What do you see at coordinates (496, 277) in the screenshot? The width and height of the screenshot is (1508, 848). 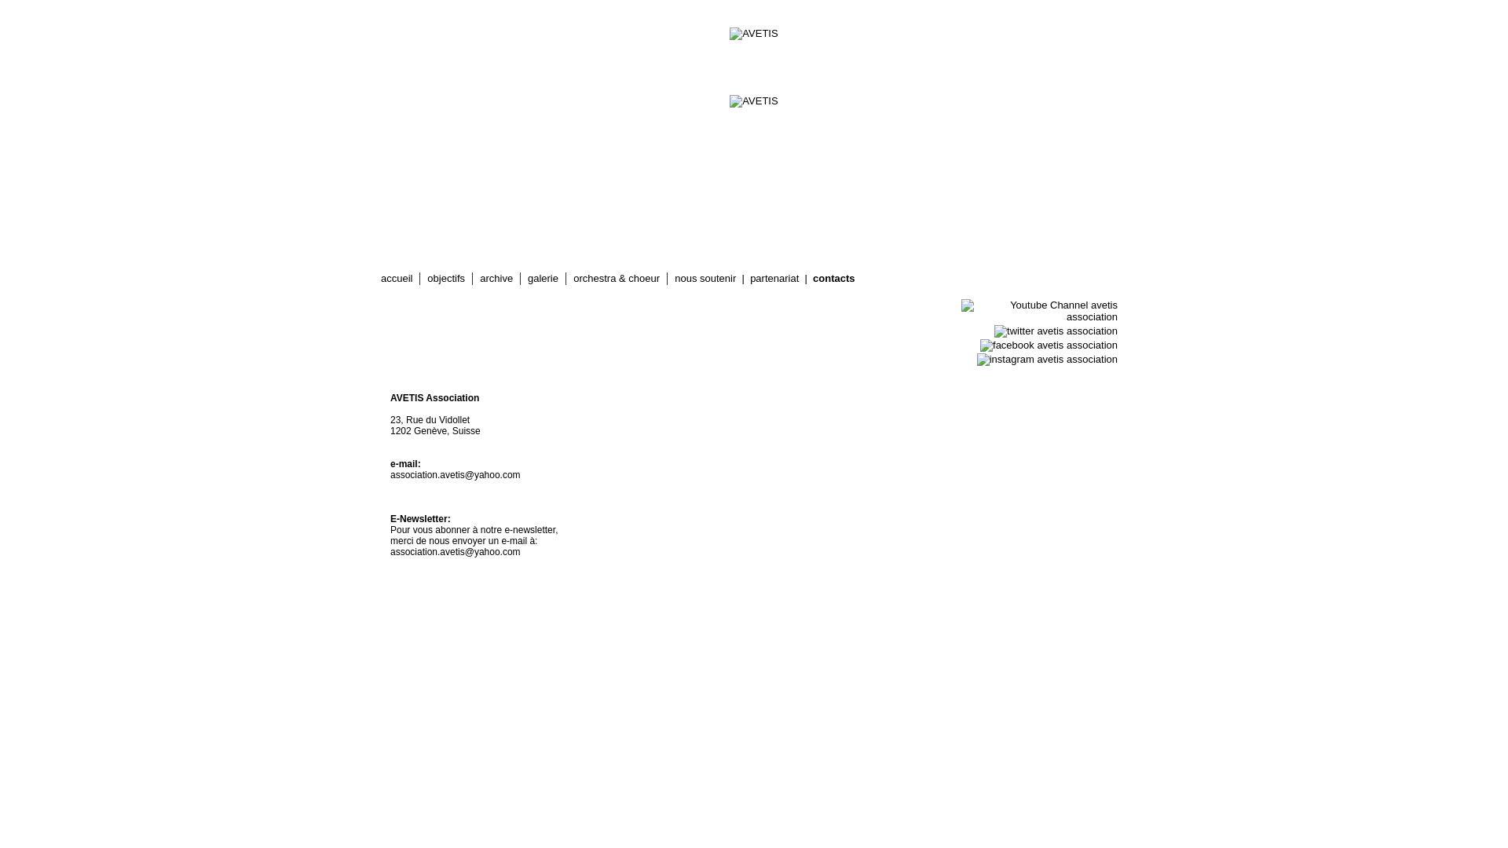 I see `'archive'` at bounding box center [496, 277].